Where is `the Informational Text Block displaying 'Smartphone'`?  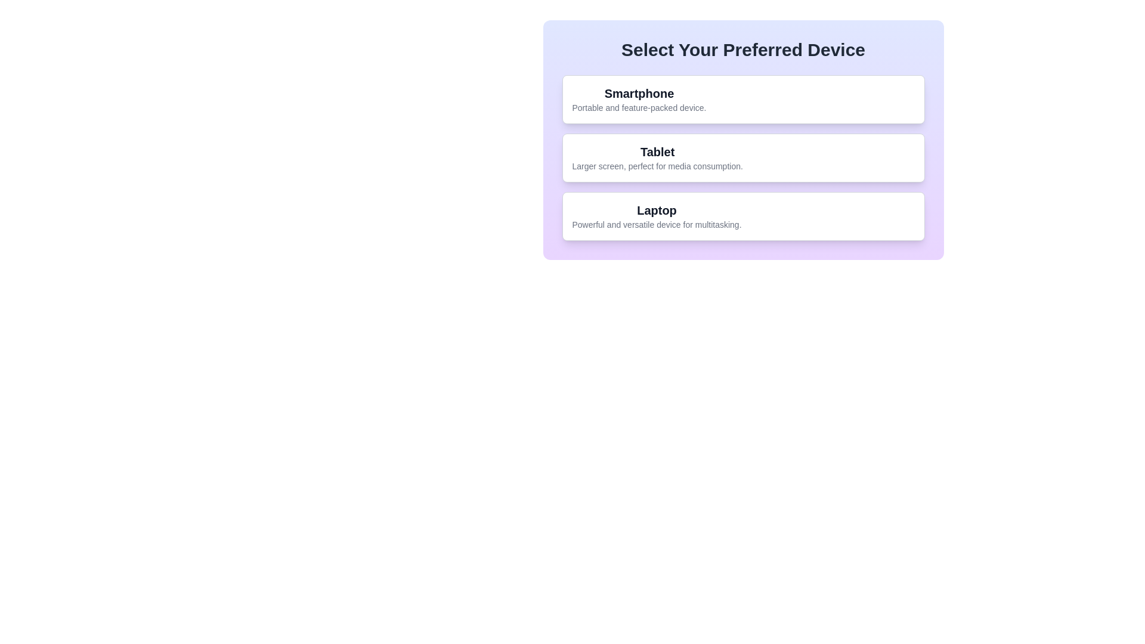 the Informational Text Block displaying 'Smartphone' is located at coordinates (638, 98).